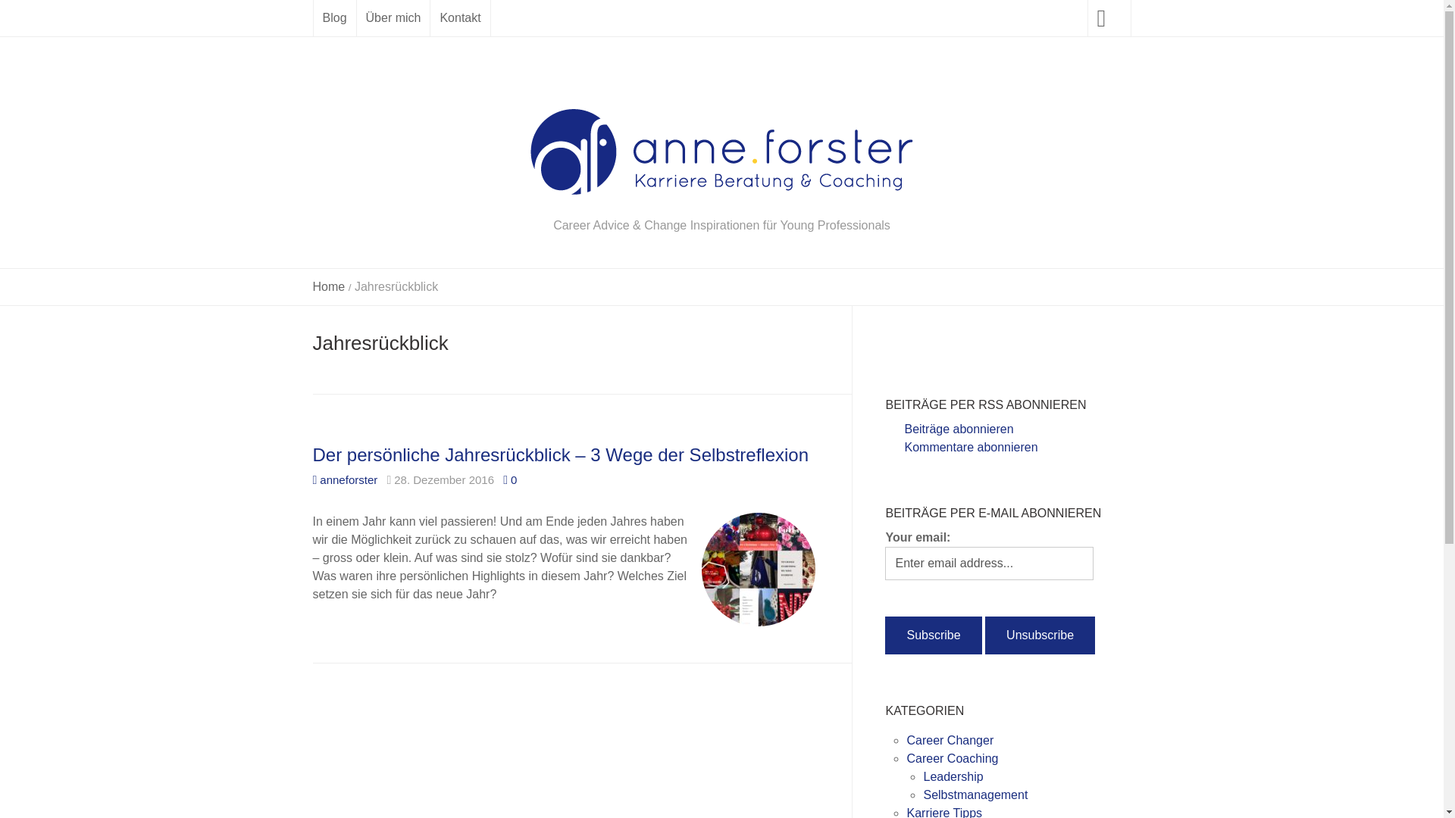 Image resolution: width=1455 pixels, height=818 pixels. What do you see at coordinates (327, 286) in the screenshot?
I see `'Home'` at bounding box center [327, 286].